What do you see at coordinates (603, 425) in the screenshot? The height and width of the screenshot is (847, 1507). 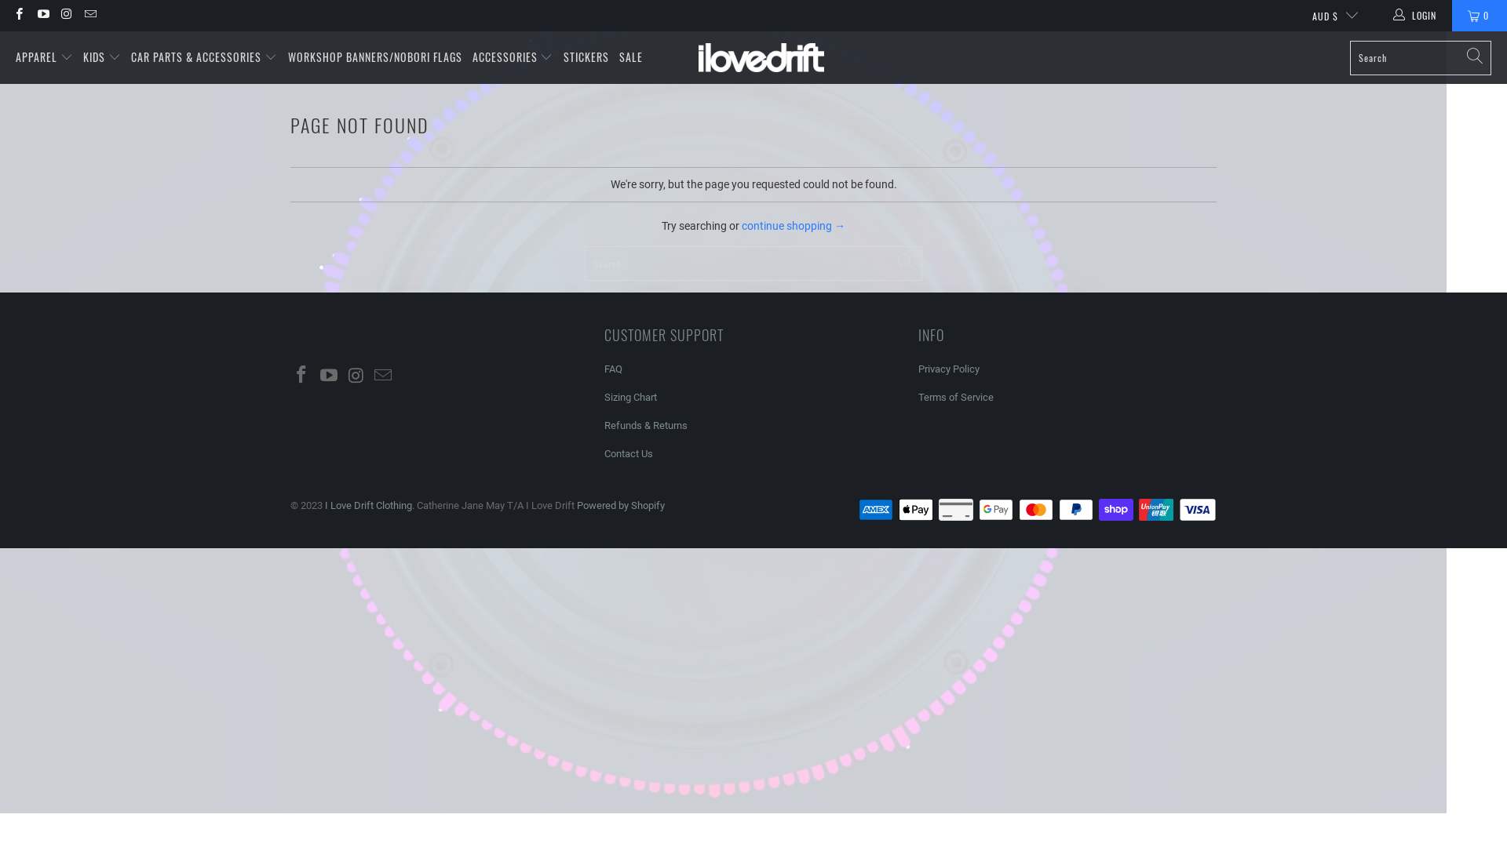 I see `'Refunds & Returns'` at bounding box center [603, 425].